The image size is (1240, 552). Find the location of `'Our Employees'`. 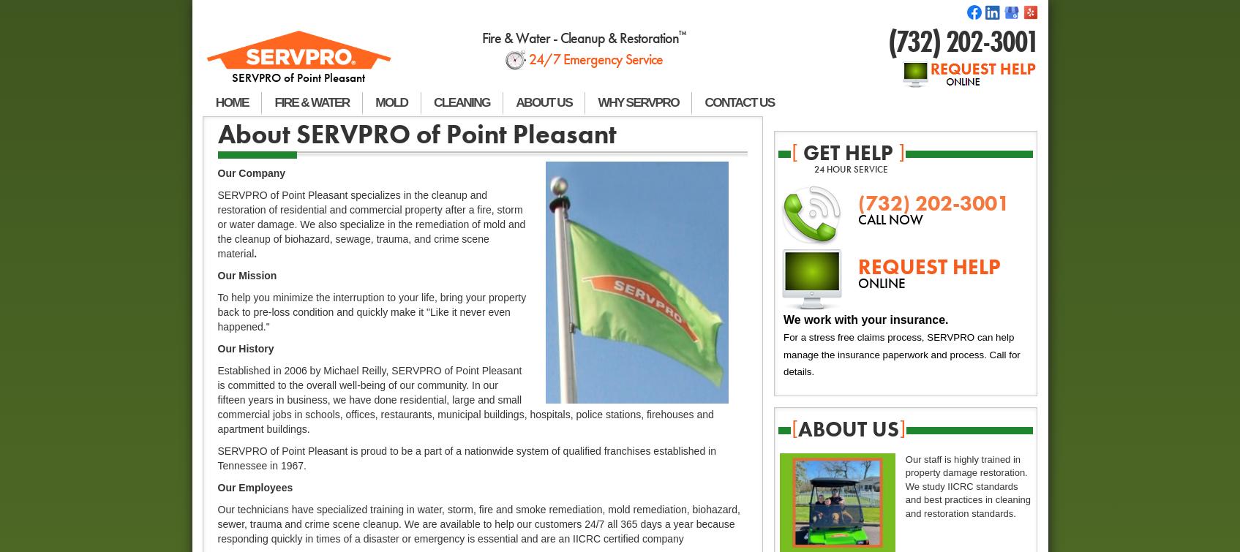

'Our Employees' is located at coordinates (254, 486).